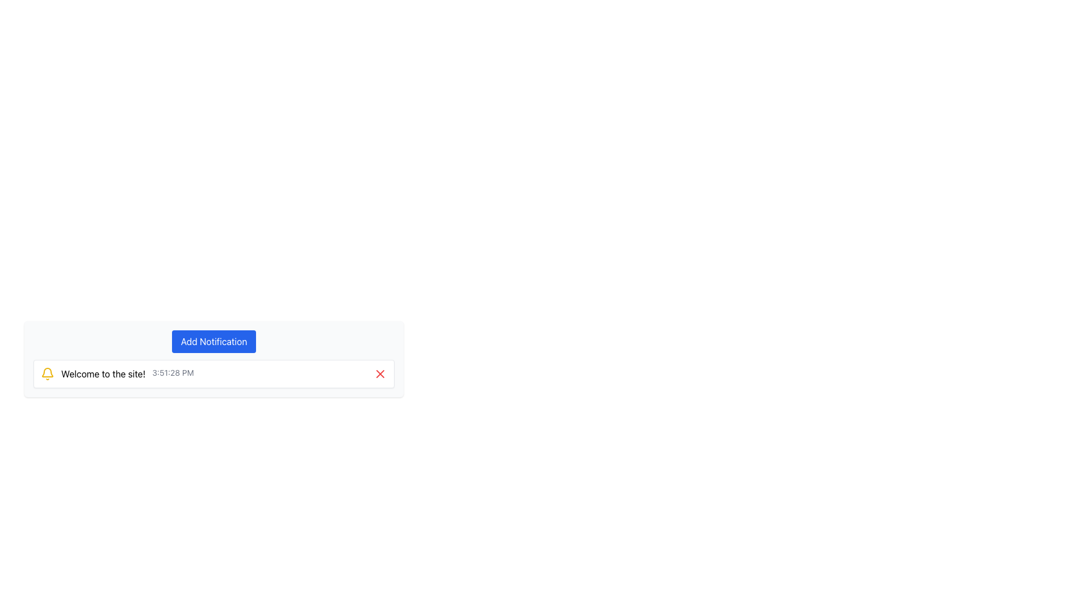 This screenshot has height=613, width=1090. What do you see at coordinates (380, 374) in the screenshot?
I see `the close button located at the far right end of the notification bar` at bounding box center [380, 374].